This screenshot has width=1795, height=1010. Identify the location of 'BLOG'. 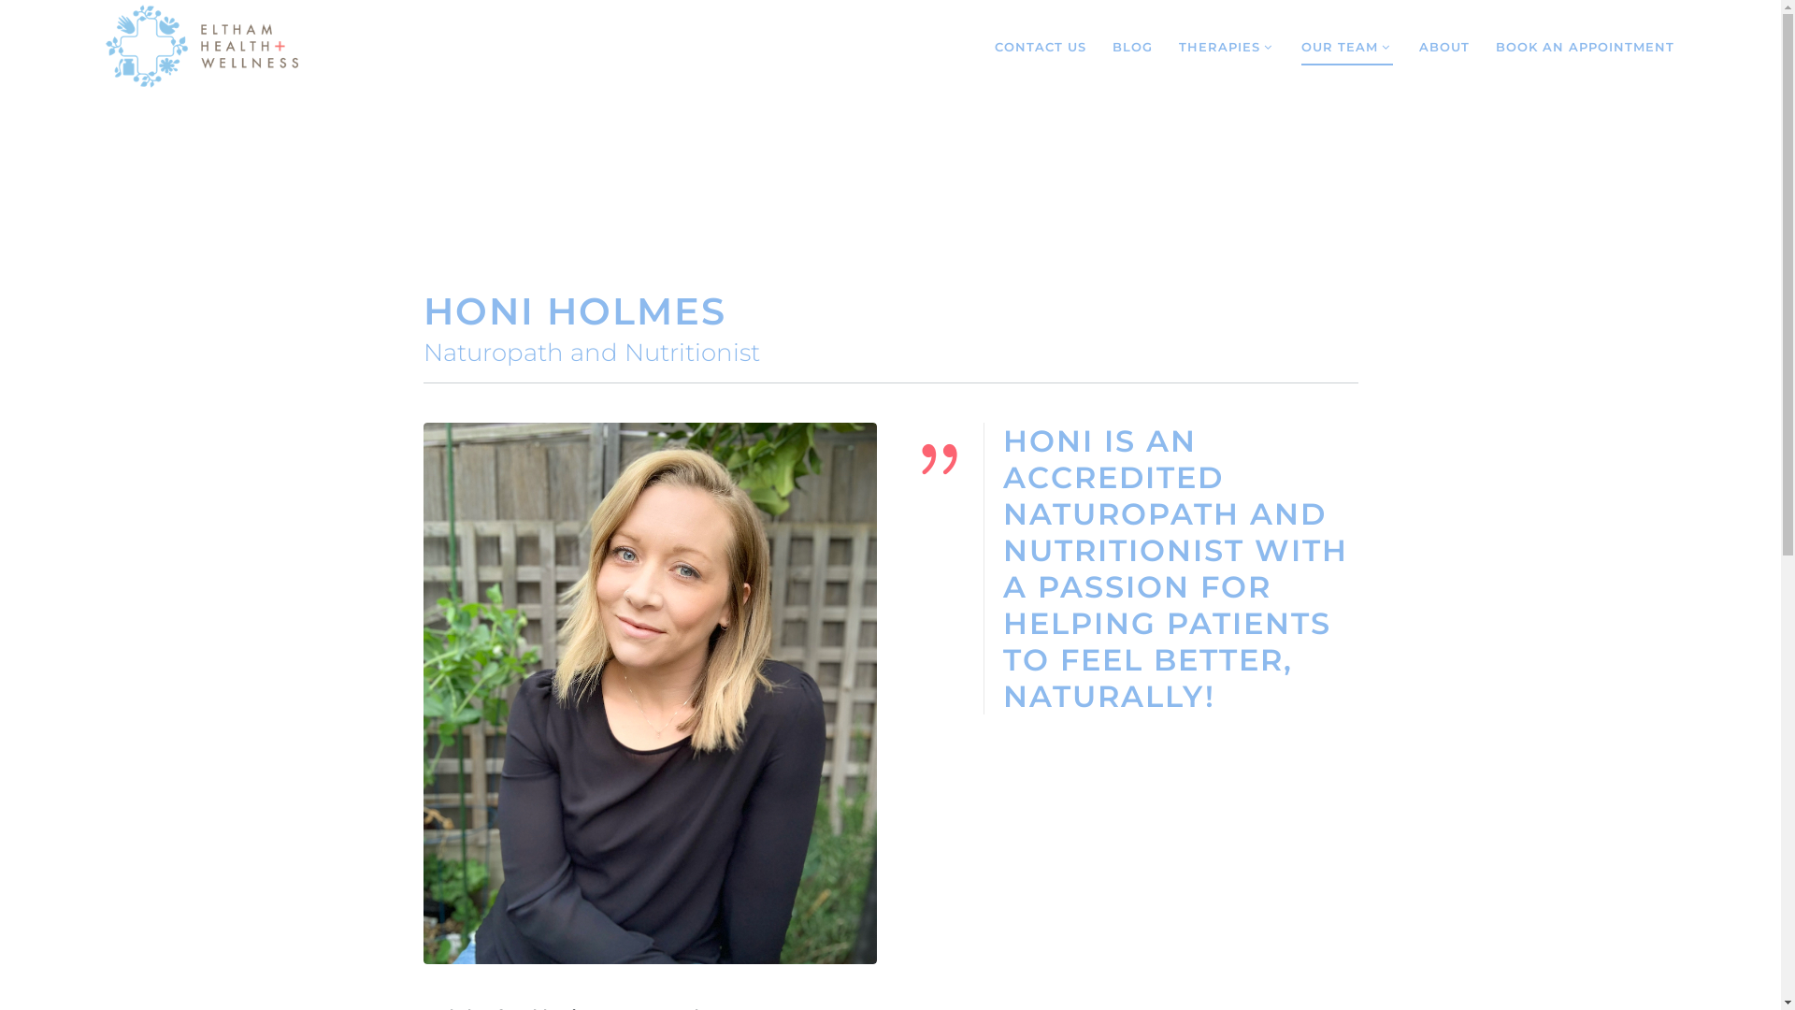
(1131, 46).